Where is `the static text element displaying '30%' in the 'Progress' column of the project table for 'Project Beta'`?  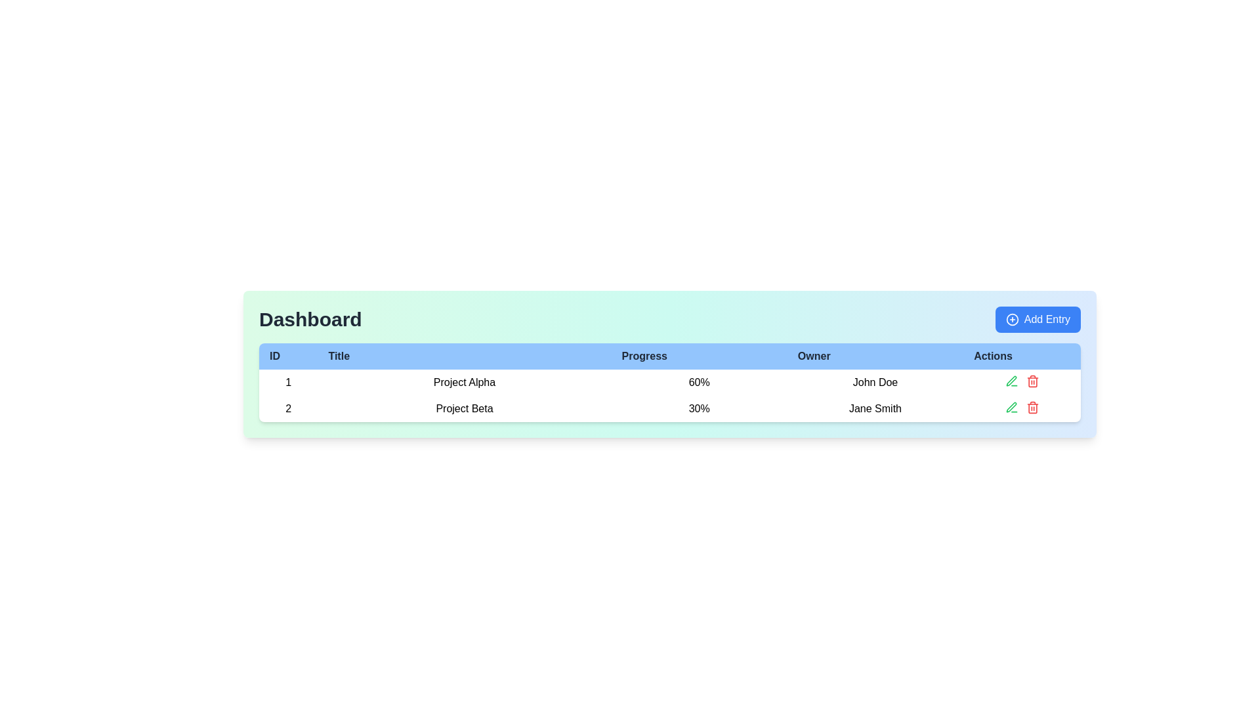 the static text element displaying '30%' in the 'Progress' column of the project table for 'Project Beta' is located at coordinates (698, 408).